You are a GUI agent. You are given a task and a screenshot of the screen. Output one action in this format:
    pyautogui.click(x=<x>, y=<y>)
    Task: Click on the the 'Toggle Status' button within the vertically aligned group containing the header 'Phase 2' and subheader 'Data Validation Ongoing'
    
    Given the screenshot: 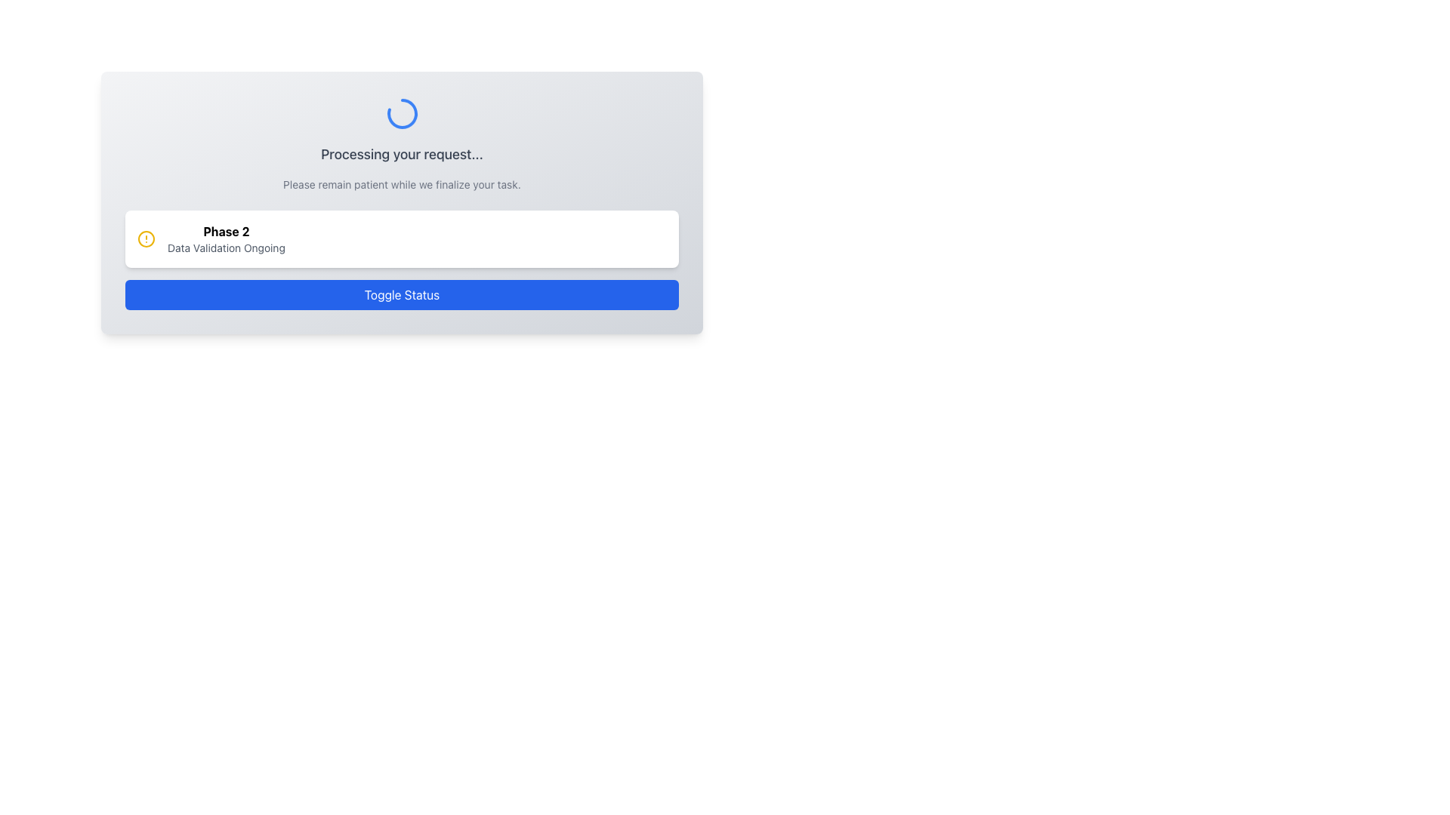 What is the action you would take?
    pyautogui.click(x=402, y=259)
    